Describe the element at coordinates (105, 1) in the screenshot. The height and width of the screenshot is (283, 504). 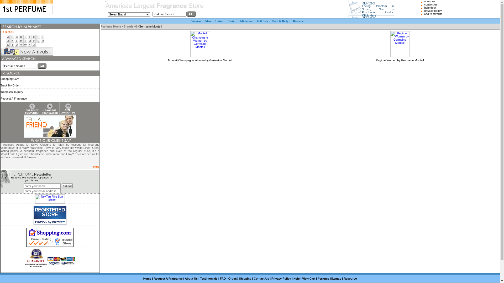
I see `'discount perfume'` at that location.